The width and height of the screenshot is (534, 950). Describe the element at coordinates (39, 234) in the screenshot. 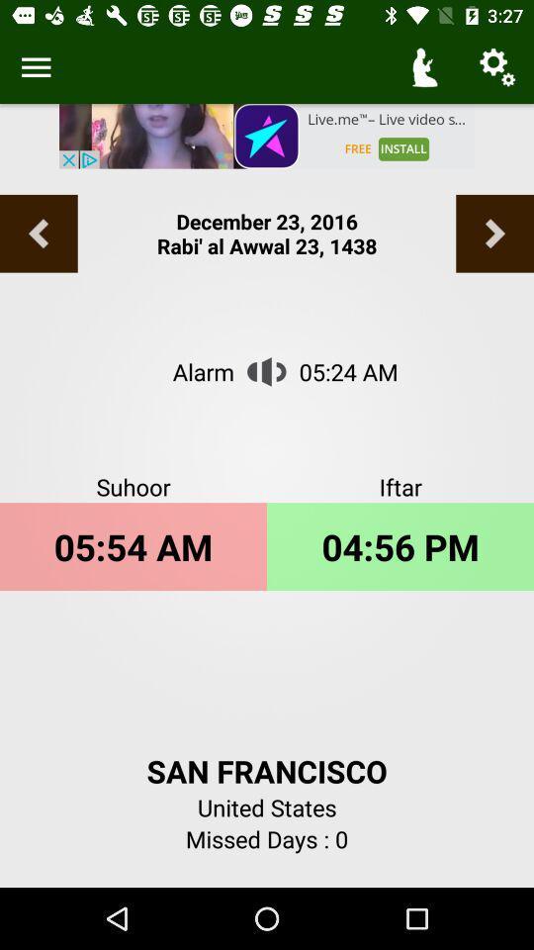

I see `previous screen` at that location.